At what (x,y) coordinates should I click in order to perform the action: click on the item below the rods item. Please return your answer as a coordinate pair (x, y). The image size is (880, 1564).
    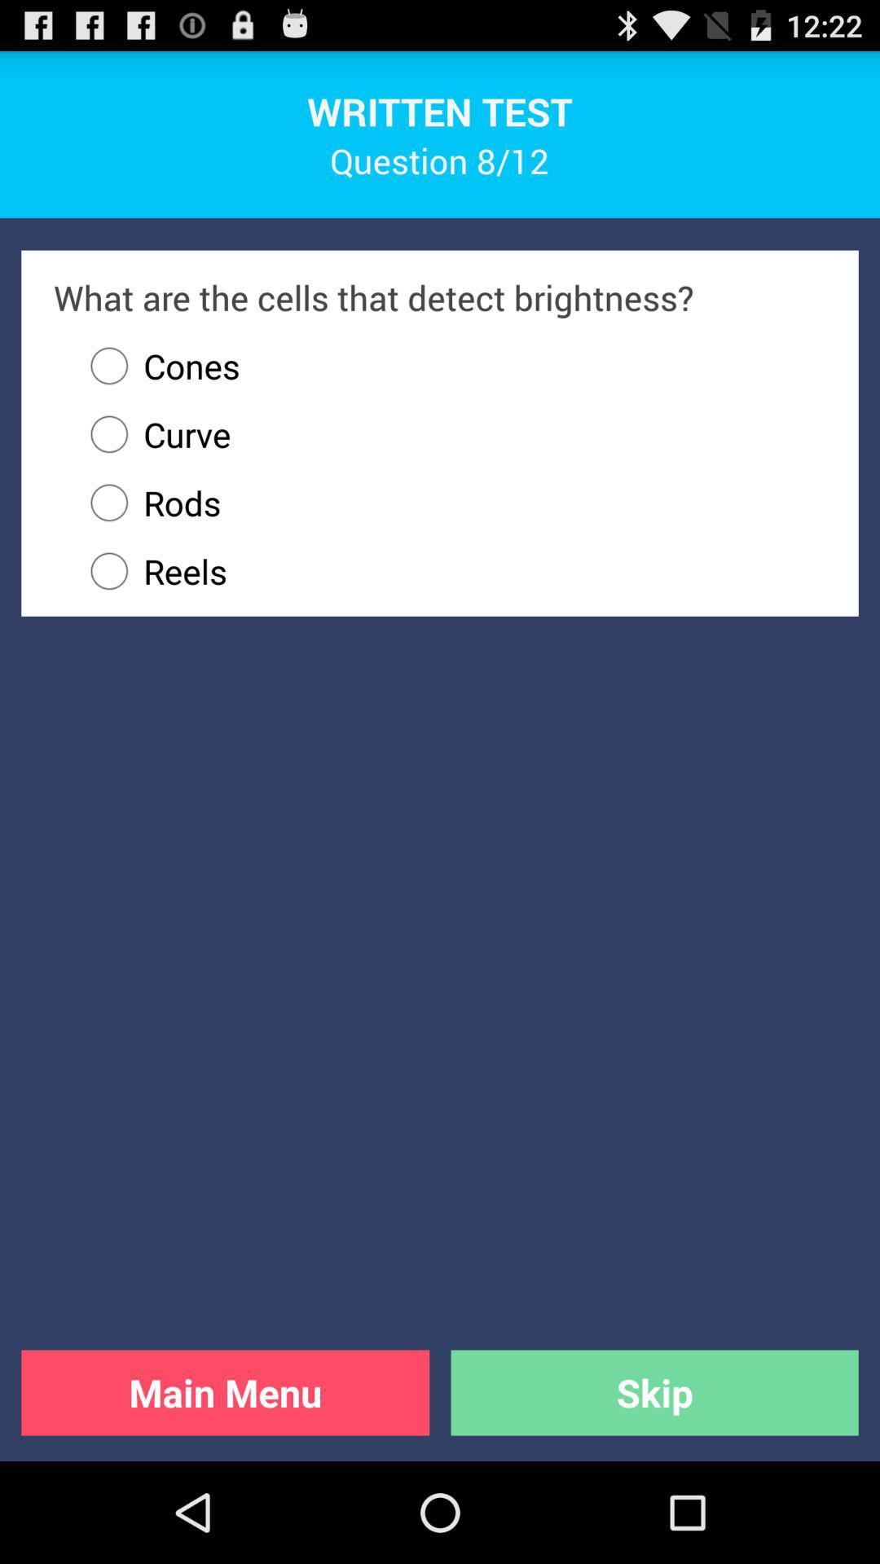
    Looking at the image, I should click on (451, 571).